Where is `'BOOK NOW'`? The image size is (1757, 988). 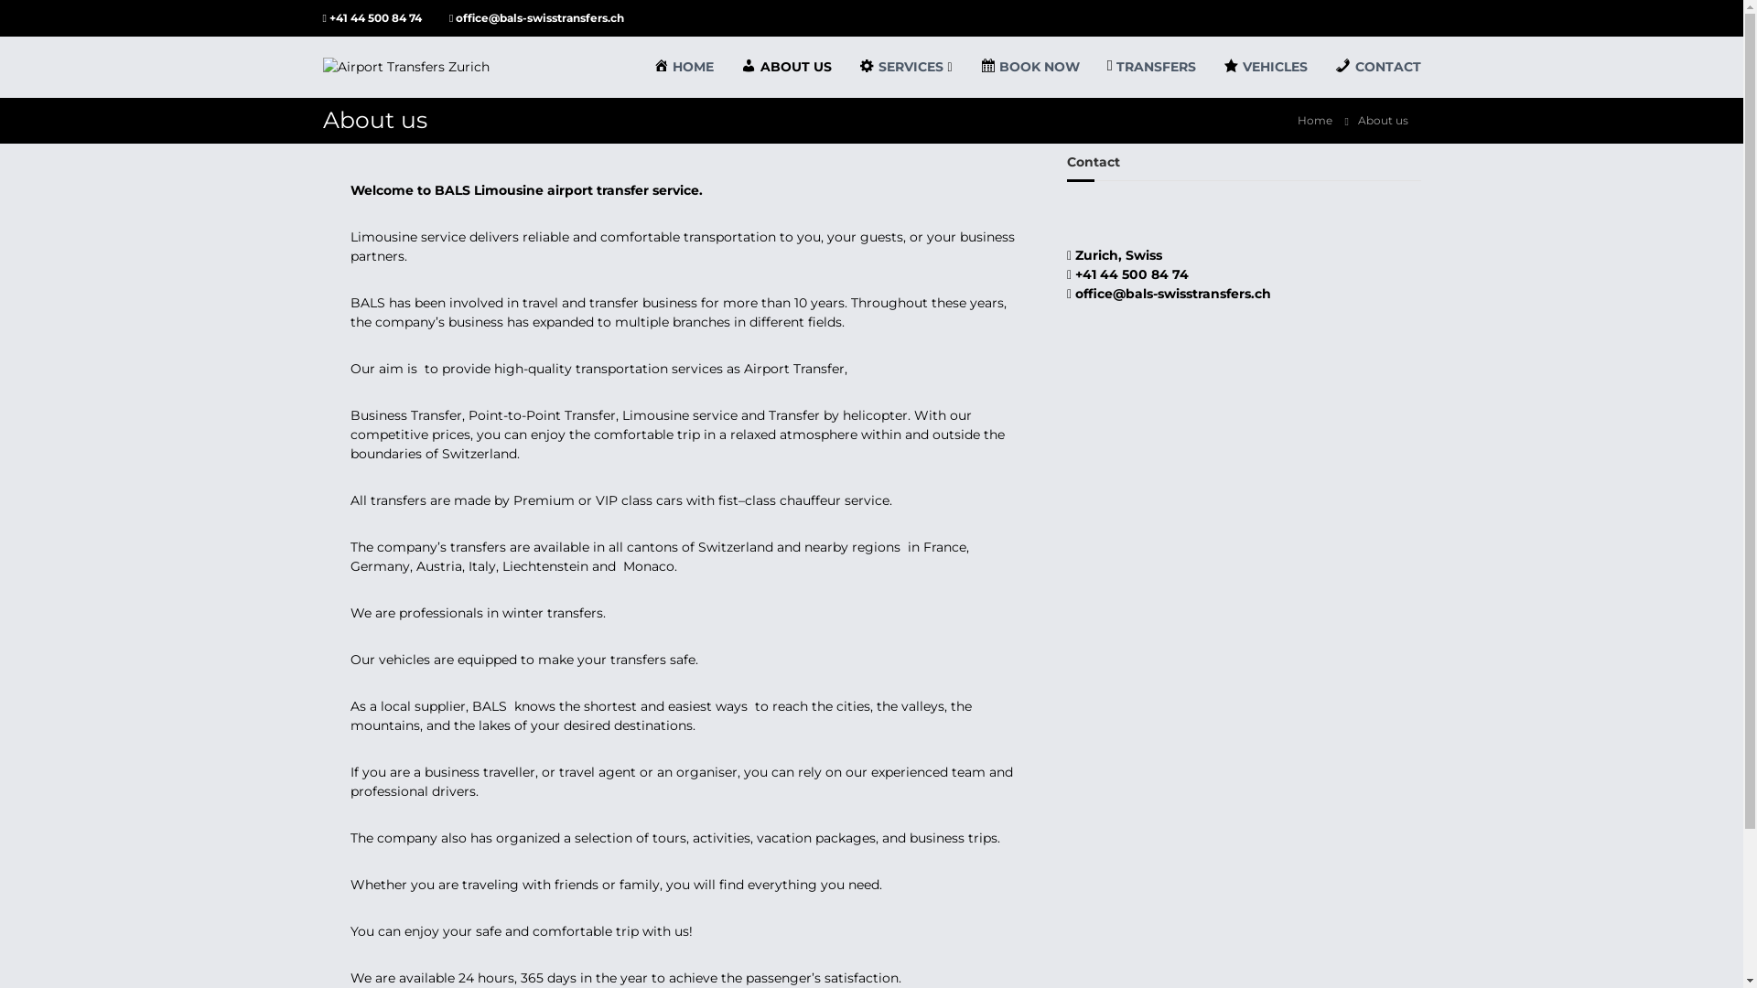
'BOOK NOW' is located at coordinates (1029, 66).